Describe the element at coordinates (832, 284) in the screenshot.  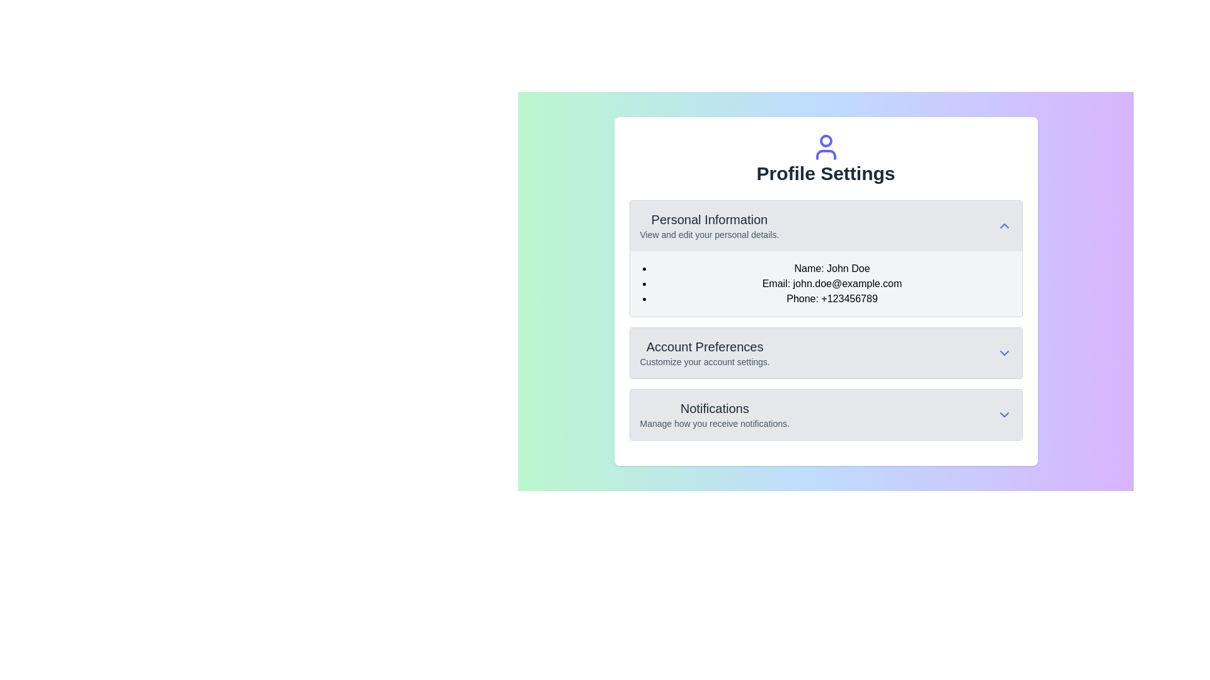
I see `the text label displaying 'Email: john.doe@example.com' located in the 'Personal Information' section of the profile settings panel` at that location.